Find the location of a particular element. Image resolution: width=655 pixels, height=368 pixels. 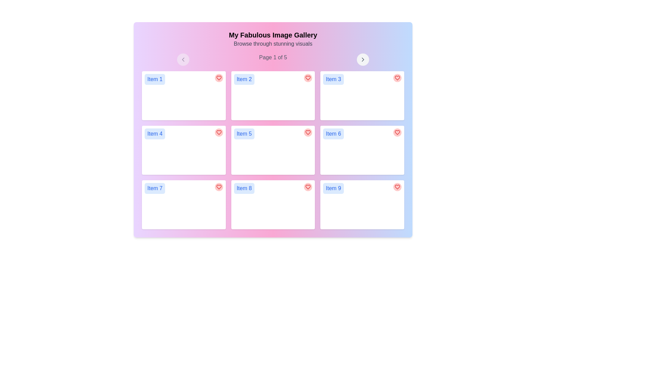

the small circular button with a light gray background and a right-pointing chevron icon, located to the right of the 'Page 1 of 5' text is located at coordinates (363, 59).